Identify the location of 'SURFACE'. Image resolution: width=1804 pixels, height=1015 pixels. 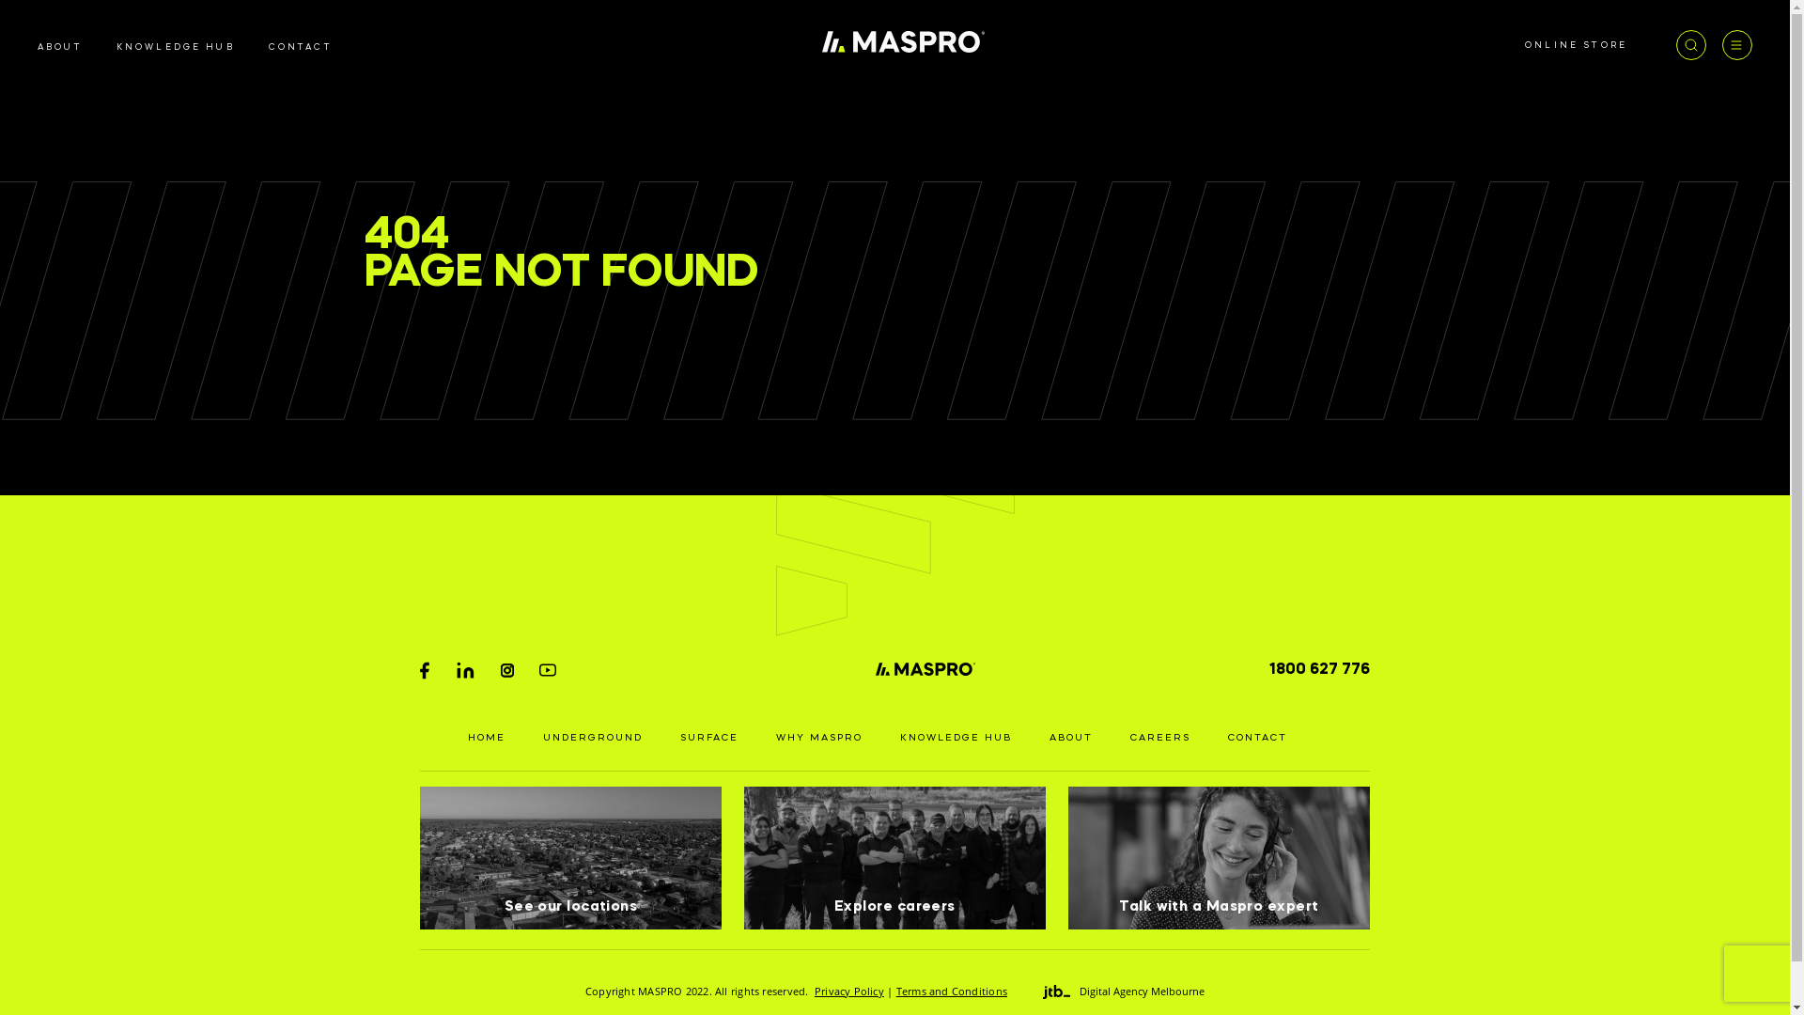
(708, 737).